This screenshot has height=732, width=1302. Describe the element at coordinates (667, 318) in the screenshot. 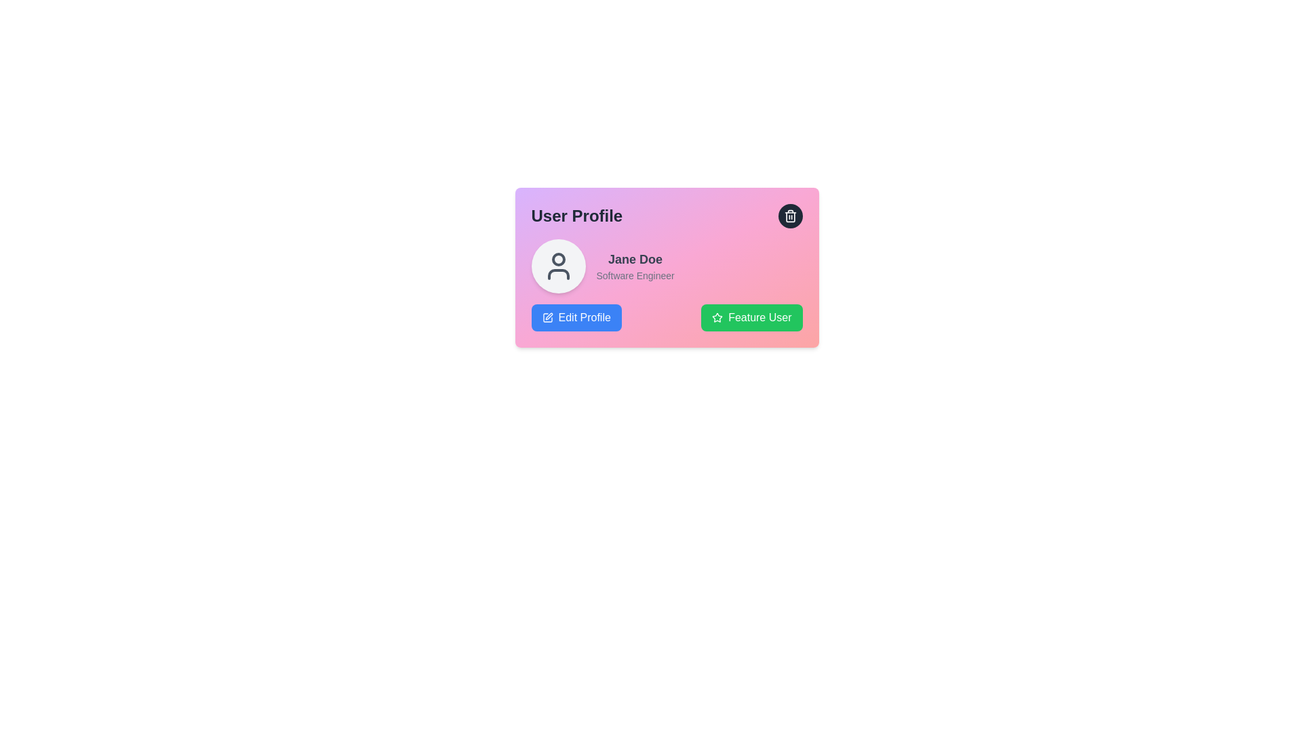

I see `the segmented button group beneath Jane Doe's profile` at that location.